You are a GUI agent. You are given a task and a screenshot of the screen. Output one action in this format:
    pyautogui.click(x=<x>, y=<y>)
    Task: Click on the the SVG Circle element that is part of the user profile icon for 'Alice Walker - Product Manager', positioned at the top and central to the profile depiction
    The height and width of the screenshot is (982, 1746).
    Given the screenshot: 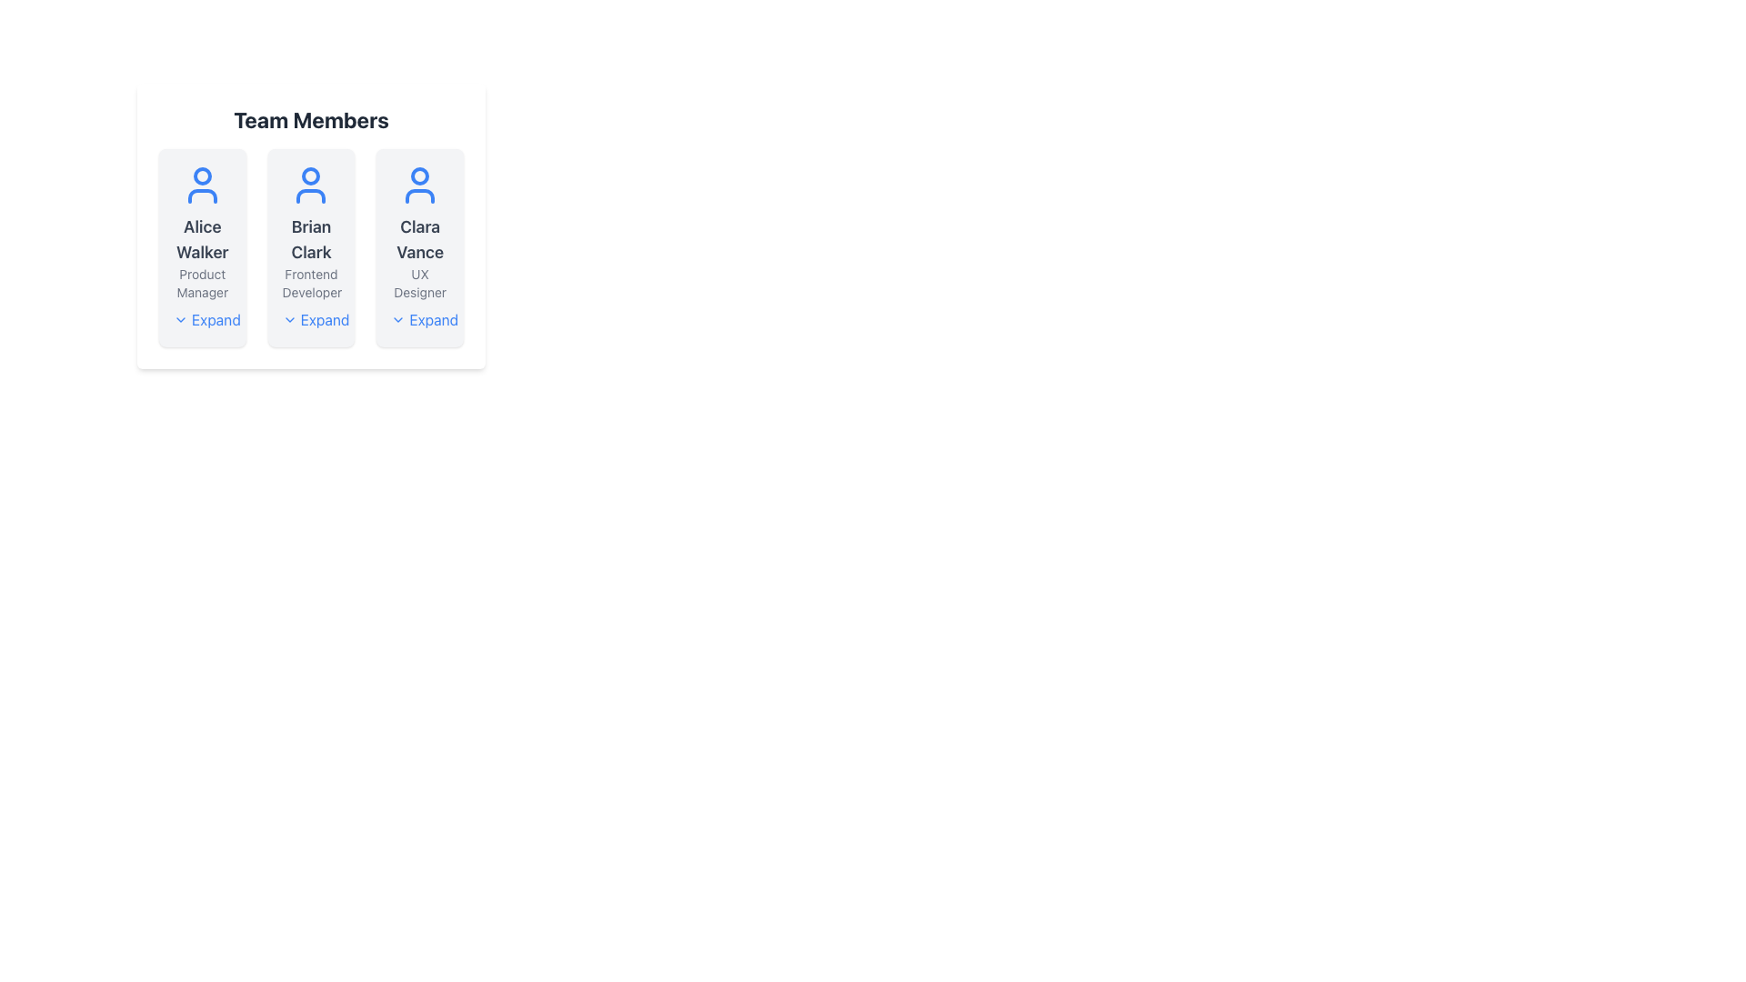 What is the action you would take?
    pyautogui.click(x=202, y=175)
    